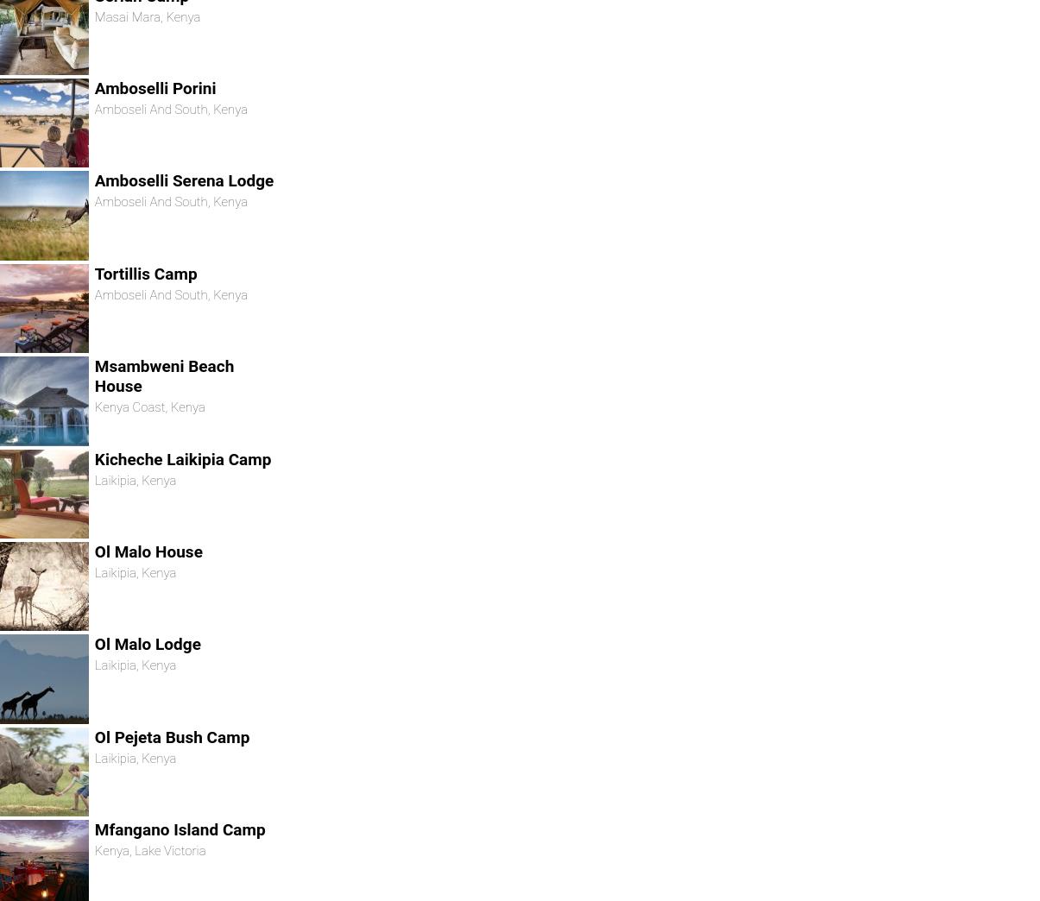  I want to click on 'Msambweni Beach House', so click(163, 375).